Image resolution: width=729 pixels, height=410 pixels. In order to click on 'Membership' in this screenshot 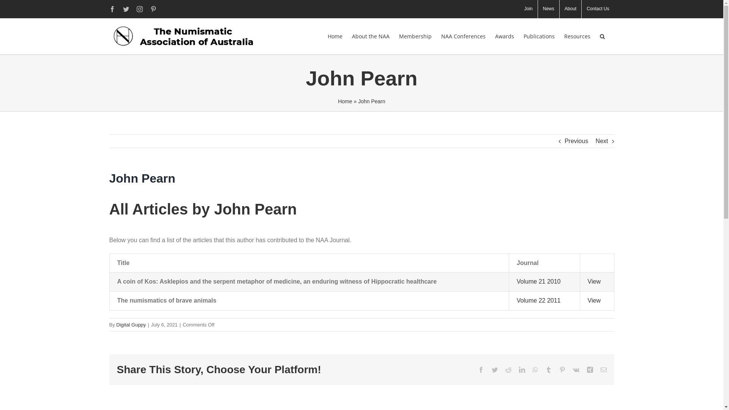, I will do `click(415, 36)`.